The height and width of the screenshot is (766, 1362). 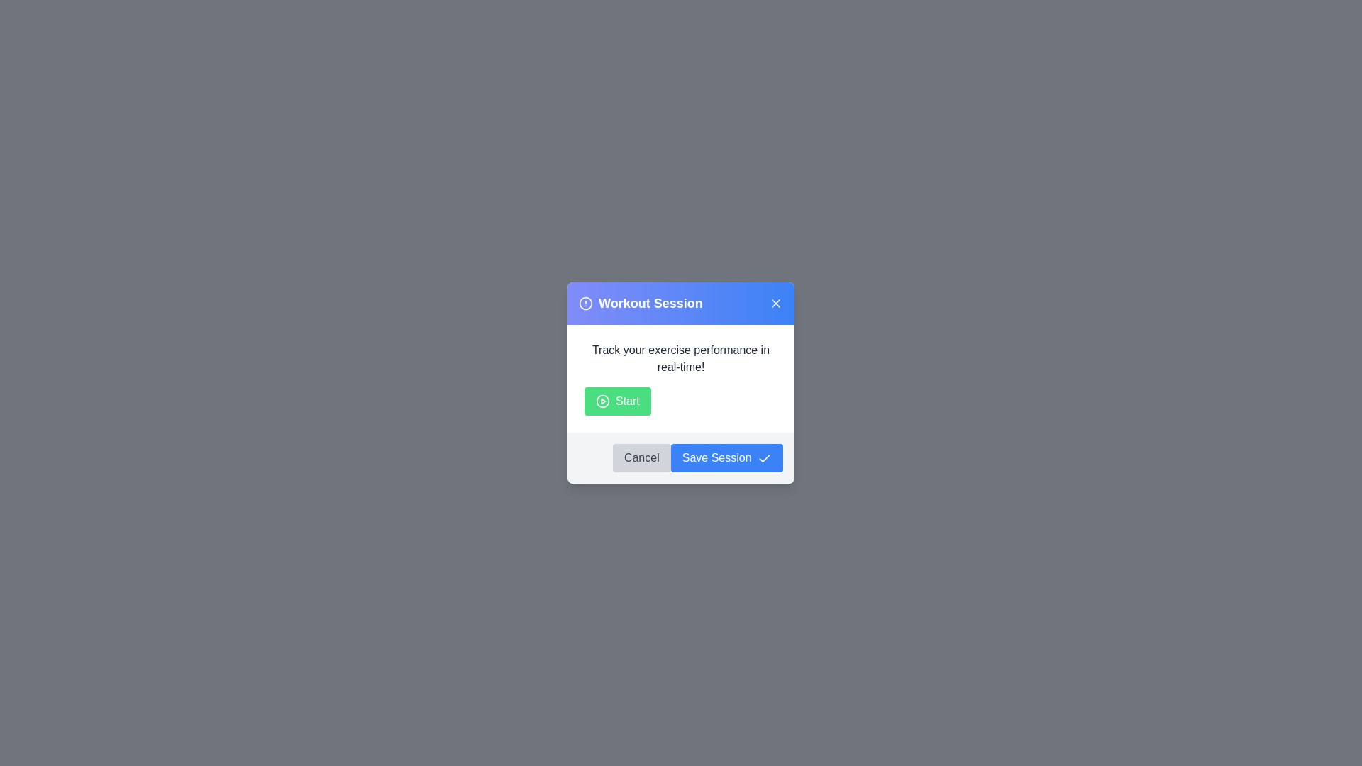 What do you see at coordinates (726, 457) in the screenshot?
I see `'Save Session' button to save the workout session` at bounding box center [726, 457].